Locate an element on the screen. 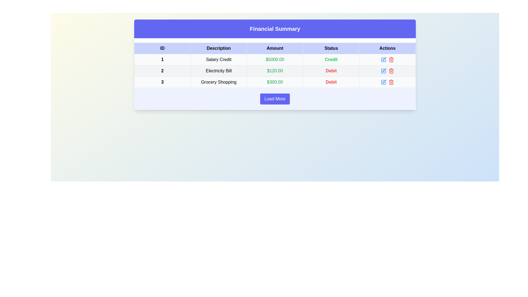 The width and height of the screenshot is (528, 297). the button located below the 'Financial Summary' table to load more content is located at coordinates (275, 98).